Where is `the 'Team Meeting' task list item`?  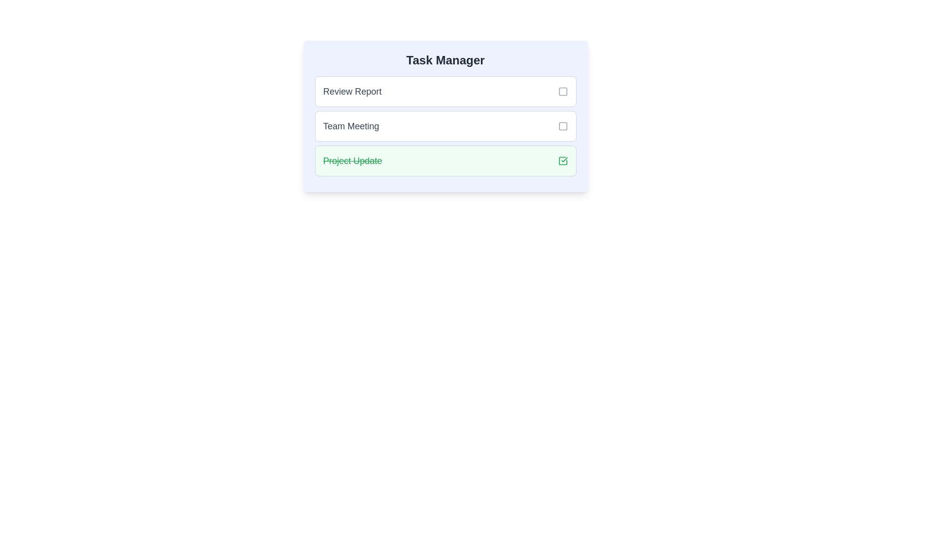
the 'Team Meeting' task list item is located at coordinates (445, 125).